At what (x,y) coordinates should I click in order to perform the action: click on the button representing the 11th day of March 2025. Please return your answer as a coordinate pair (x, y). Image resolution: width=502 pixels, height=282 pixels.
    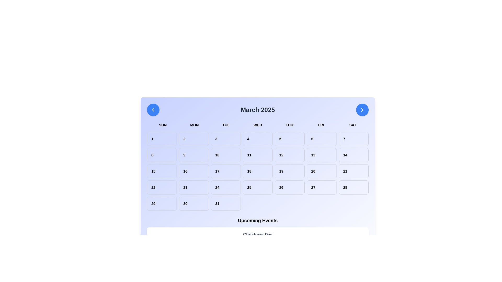
    Looking at the image, I should click on (258, 155).